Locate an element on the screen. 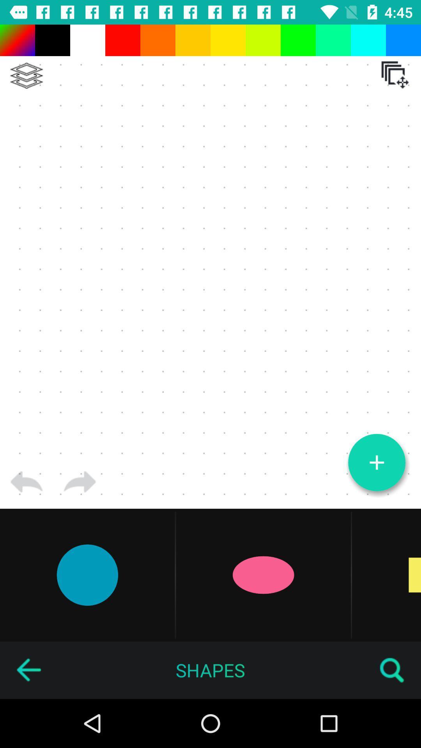 This screenshot has width=421, height=748. go back is located at coordinates (28, 670).